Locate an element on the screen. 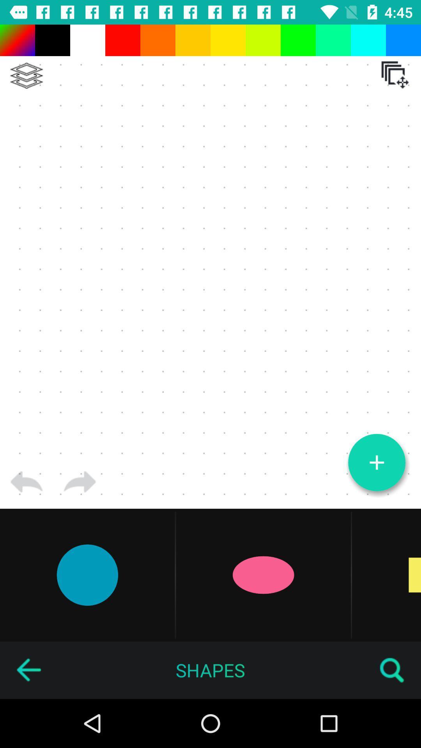 This screenshot has width=421, height=748. go back is located at coordinates (28, 670).